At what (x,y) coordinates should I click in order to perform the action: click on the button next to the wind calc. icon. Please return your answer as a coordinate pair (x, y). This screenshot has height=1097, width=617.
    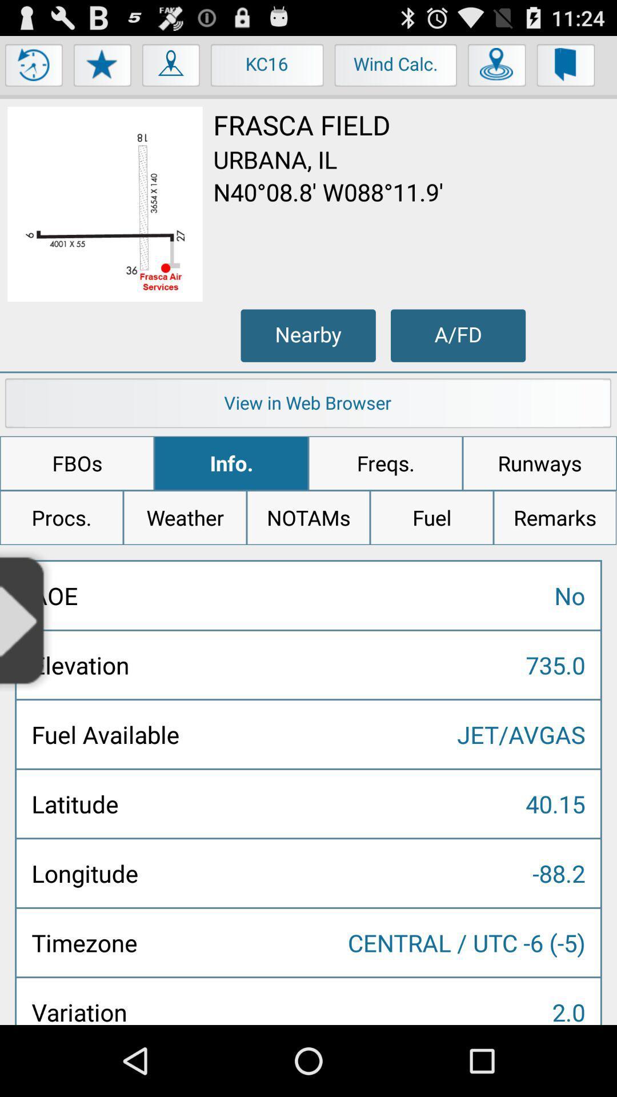
    Looking at the image, I should click on (267, 67).